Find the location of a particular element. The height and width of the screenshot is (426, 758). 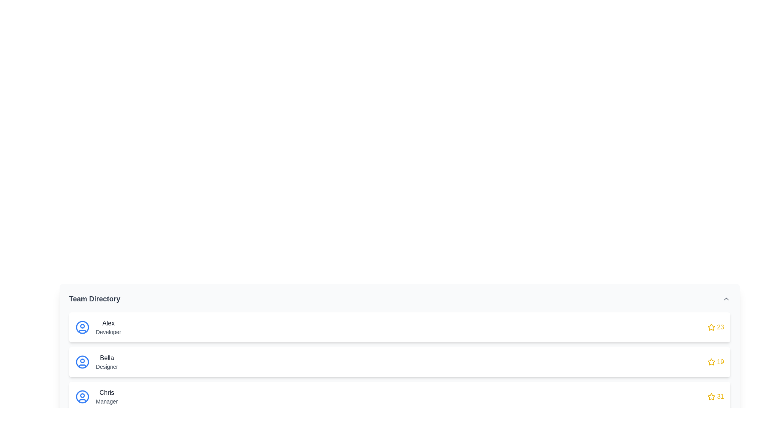

the yellow star-shaped icon with a hollow center, located to the left of the number '31' in the rating display is located at coordinates (711, 397).